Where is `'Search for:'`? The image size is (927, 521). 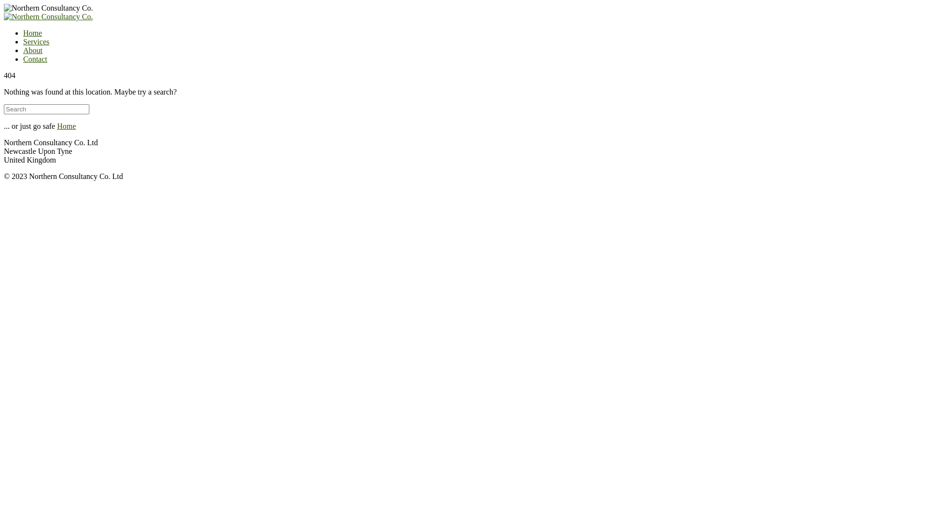
'Search for:' is located at coordinates (46, 109).